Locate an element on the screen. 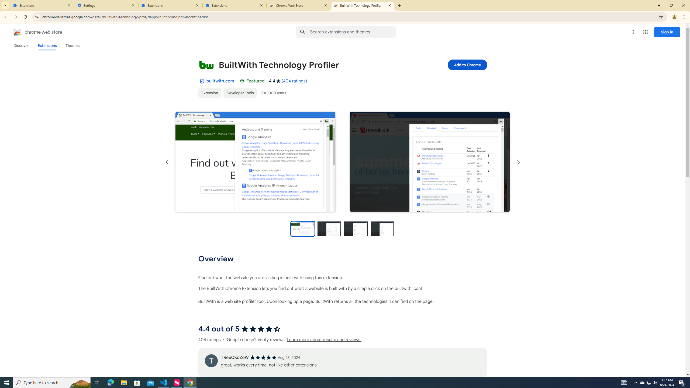  'More options menu' is located at coordinates (633, 32).